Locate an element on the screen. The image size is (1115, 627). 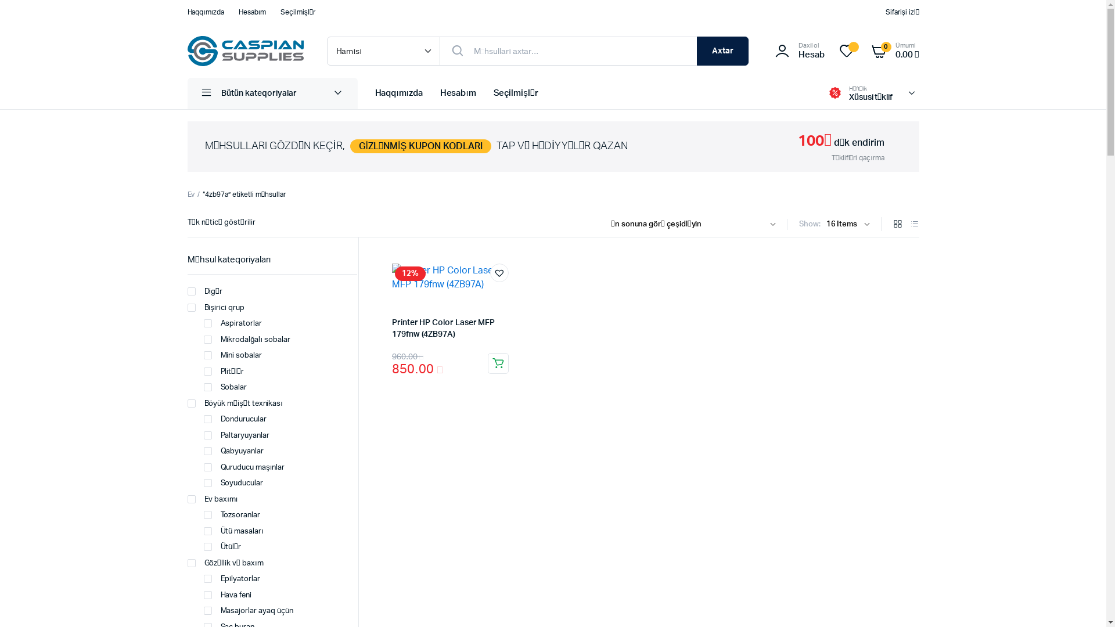
'Hava feni' is located at coordinates (227, 596).